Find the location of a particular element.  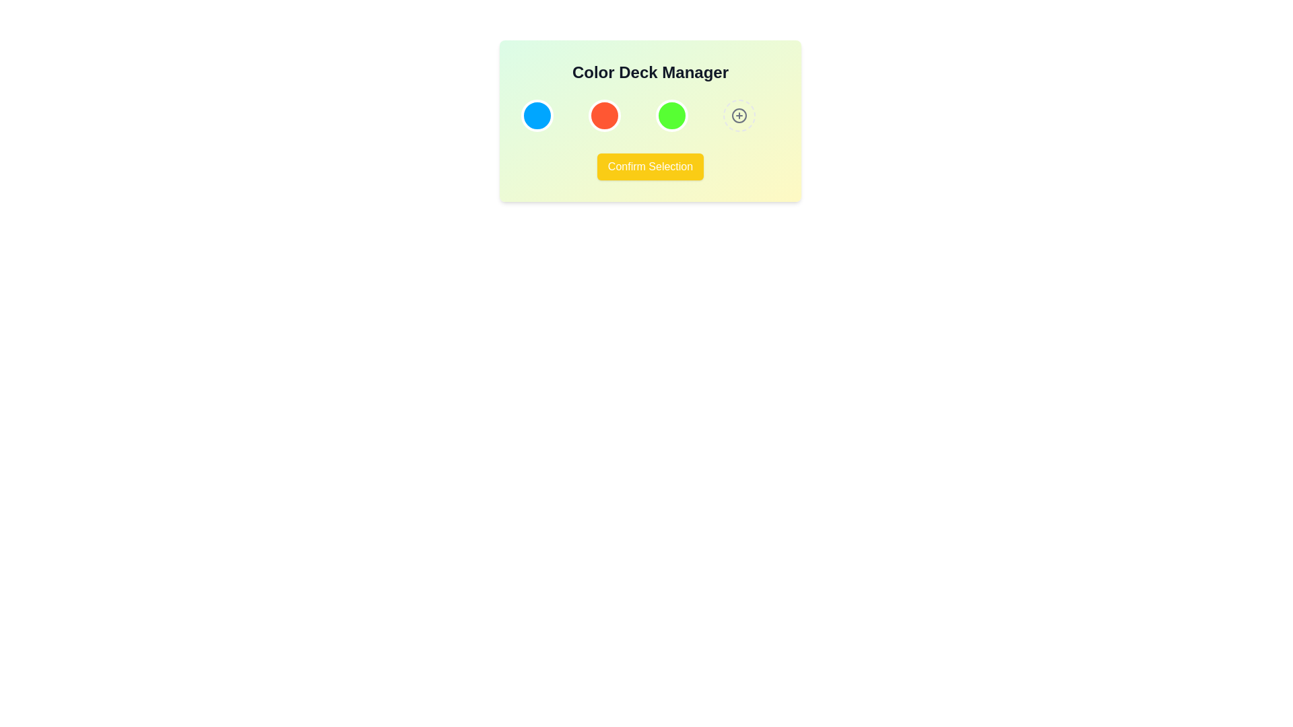

the second circular selectable option located beneath the 'Color Deck Manager' title is located at coordinates (603, 115).